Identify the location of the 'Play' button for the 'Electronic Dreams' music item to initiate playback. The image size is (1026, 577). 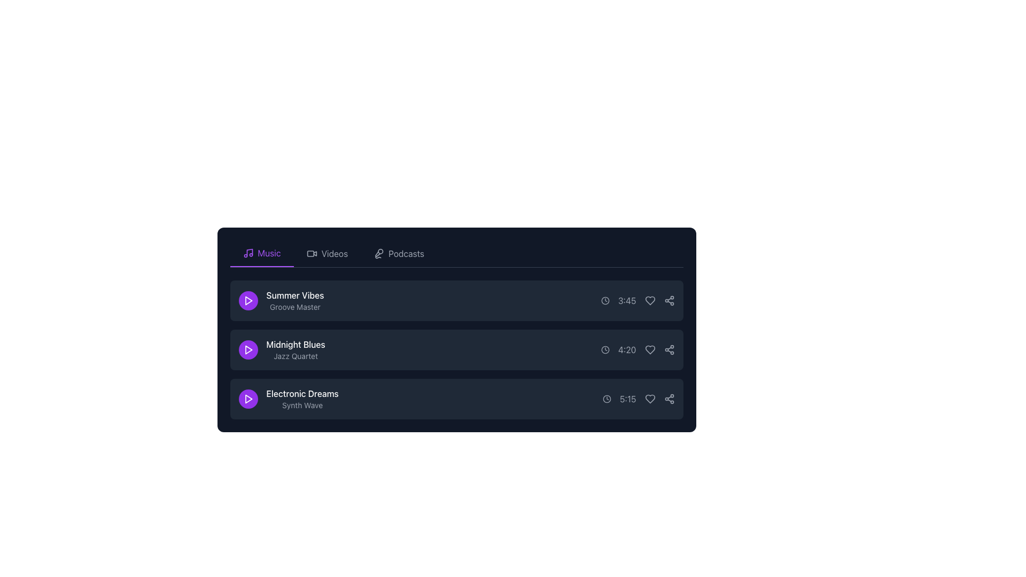
(247, 399).